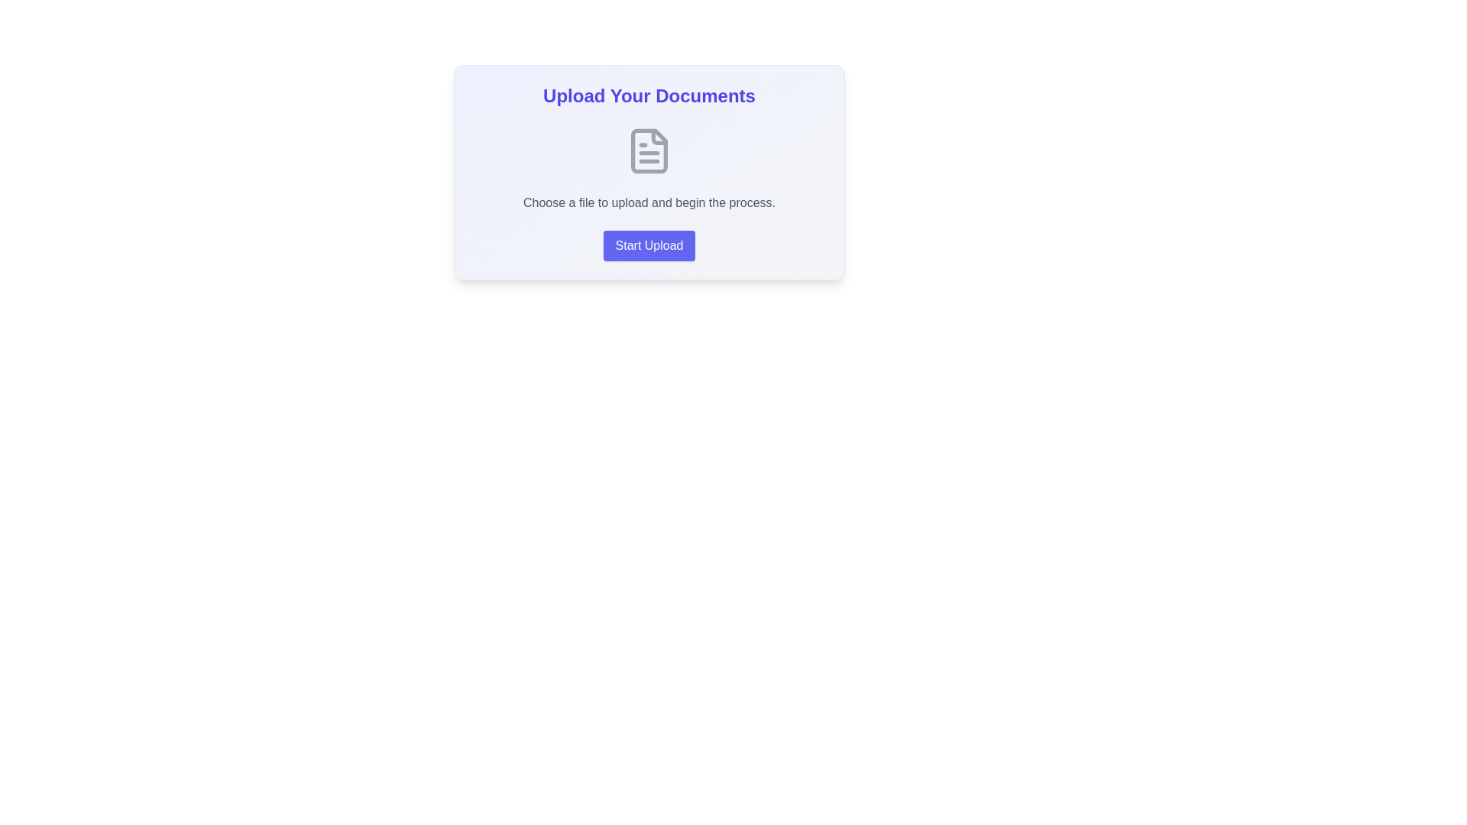  What do you see at coordinates (649, 244) in the screenshot?
I see `the button labeled 'Upload Your Documents'` at bounding box center [649, 244].